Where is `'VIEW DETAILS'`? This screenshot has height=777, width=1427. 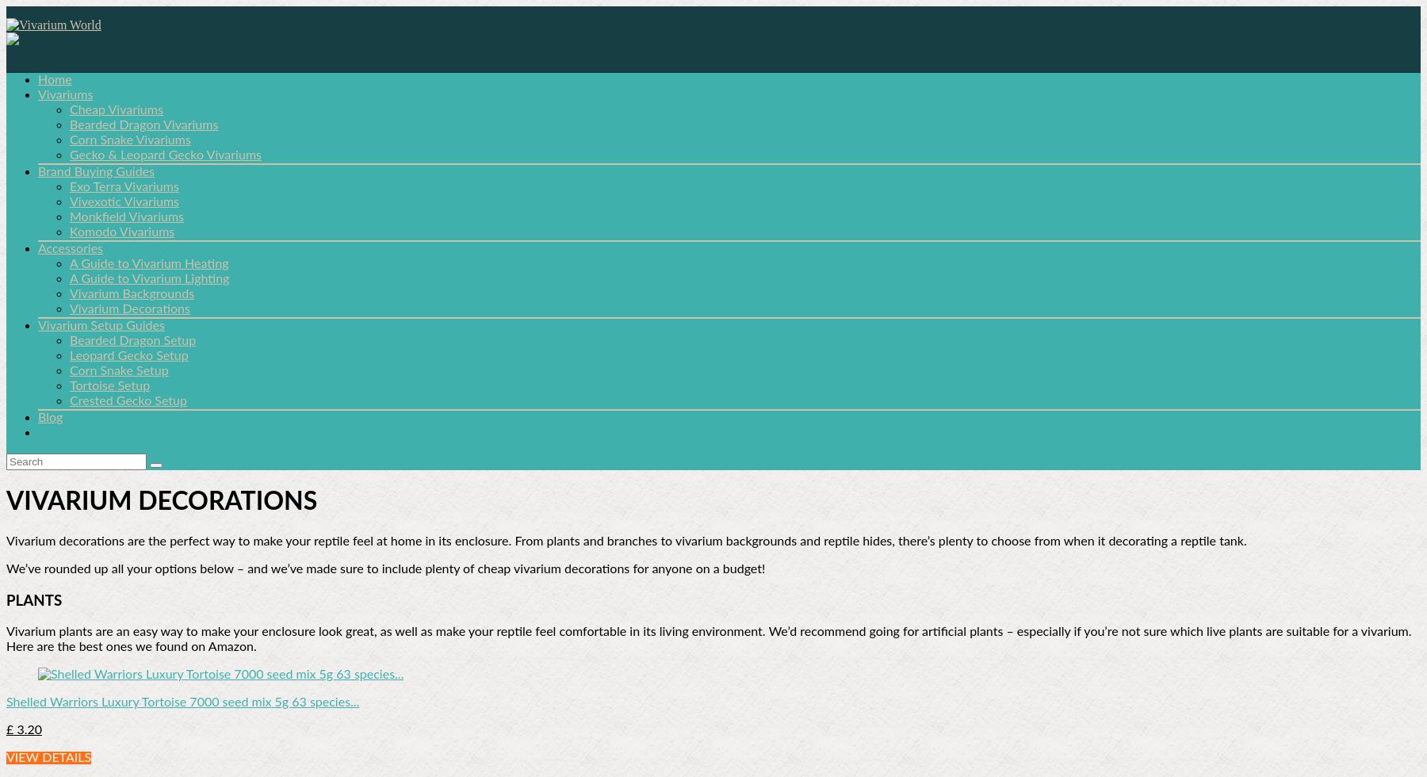
'VIEW DETAILS' is located at coordinates (48, 757).